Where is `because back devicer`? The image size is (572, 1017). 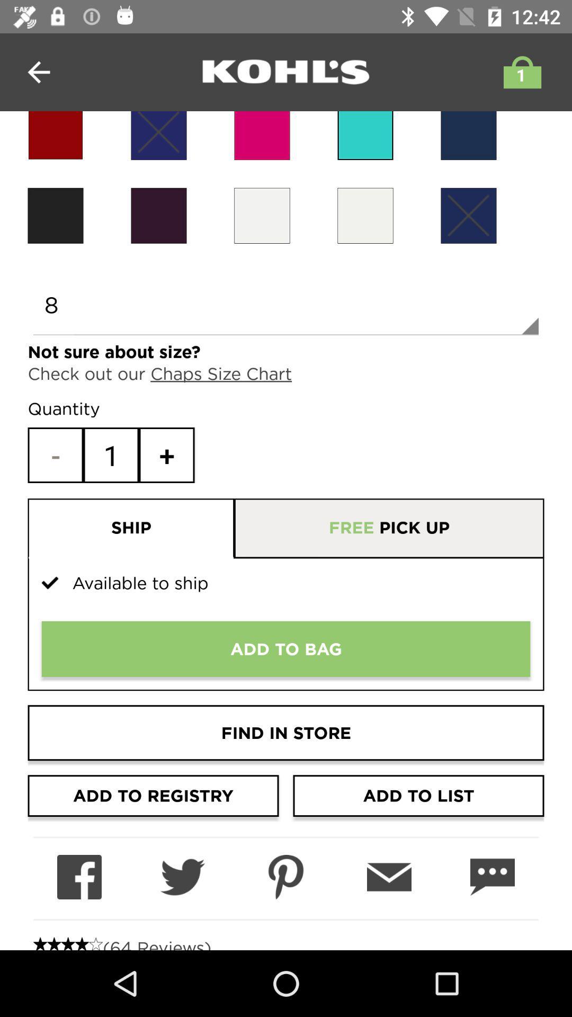
because back devicer is located at coordinates (468, 135).